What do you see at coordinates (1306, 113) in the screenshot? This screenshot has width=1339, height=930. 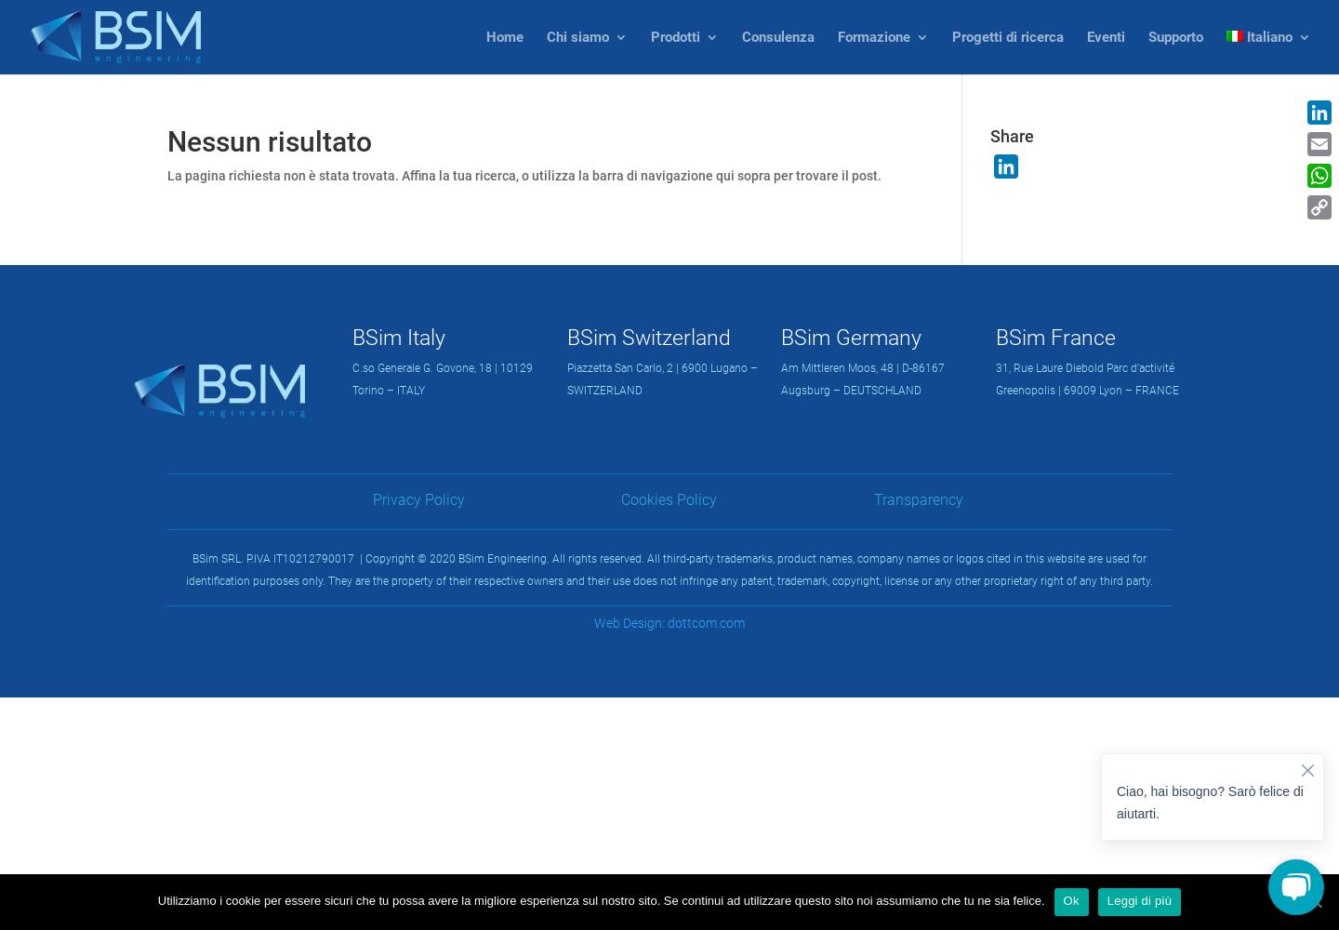 I see `'English'` at bounding box center [1306, 113].